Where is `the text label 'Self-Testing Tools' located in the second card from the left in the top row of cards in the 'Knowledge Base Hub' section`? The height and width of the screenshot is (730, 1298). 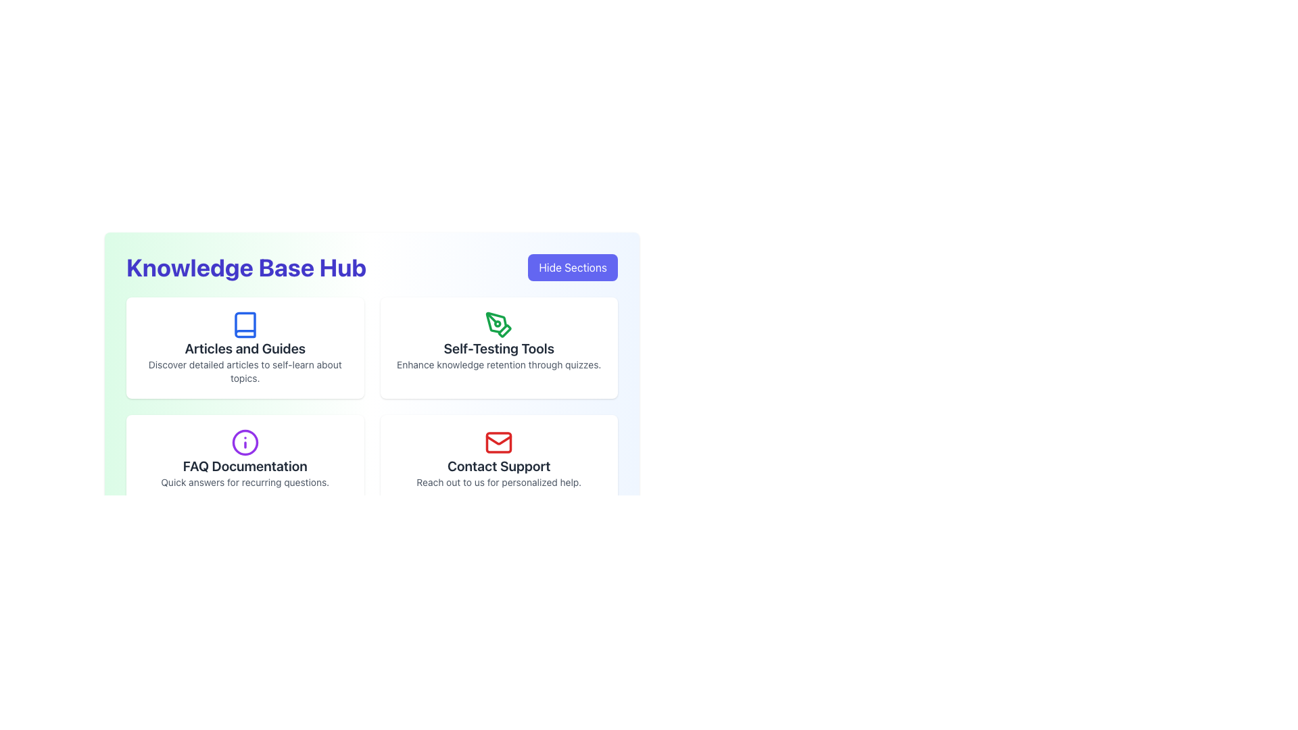
the text label 'Self-Testing Tools' located in the second card from the left in the top row of cards in the 'Knowledge Base Hub' section is located at coordinates (498, 348).